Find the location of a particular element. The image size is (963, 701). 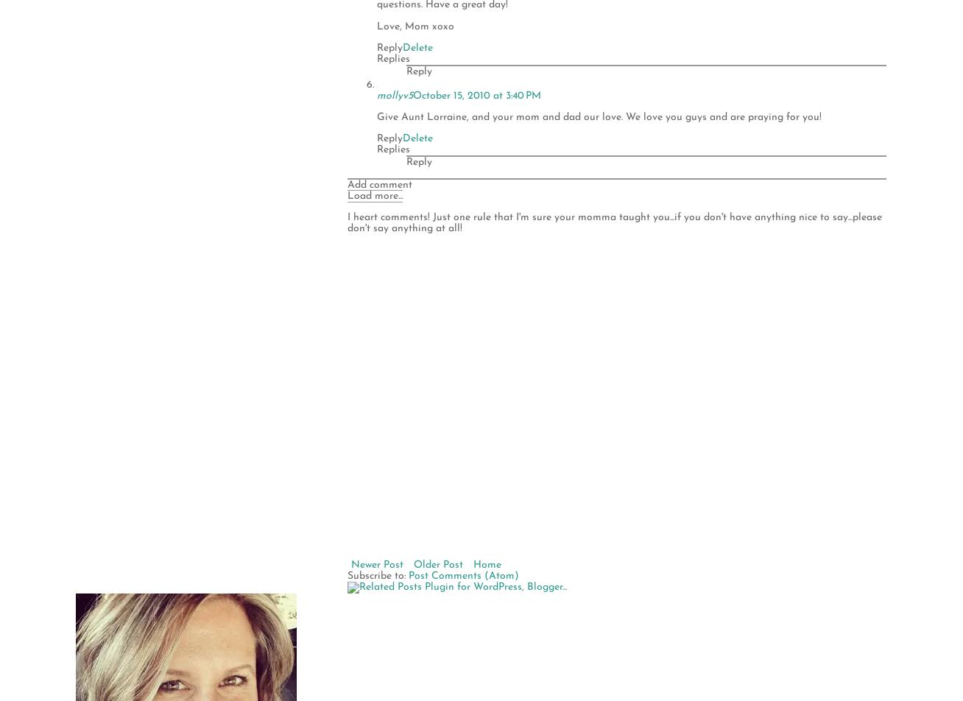

'Post Comments (Atom)' is located at coordinates (463, 575).